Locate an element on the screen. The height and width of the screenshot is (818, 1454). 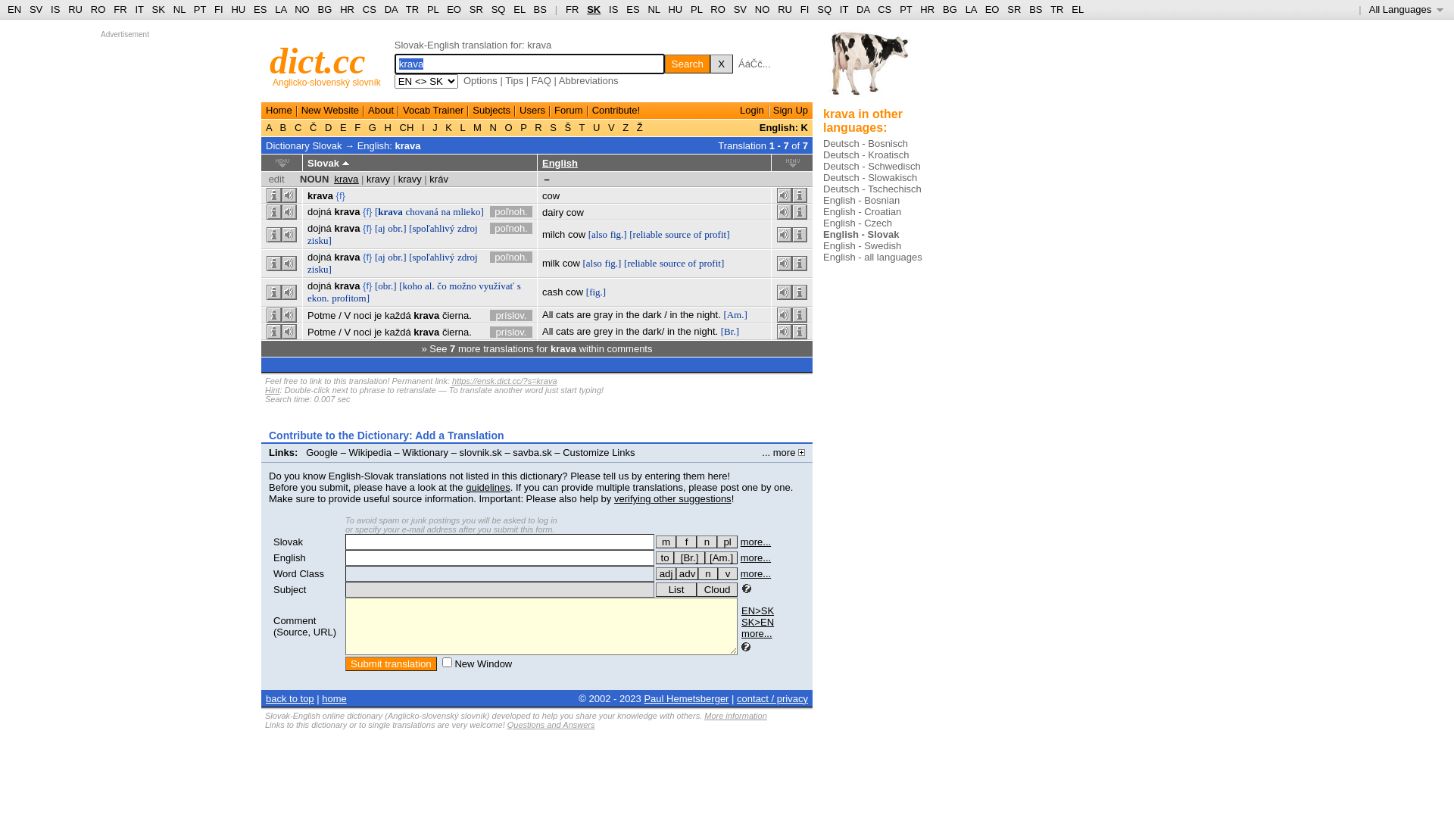
'Options' is located at coordinates (479, 80).